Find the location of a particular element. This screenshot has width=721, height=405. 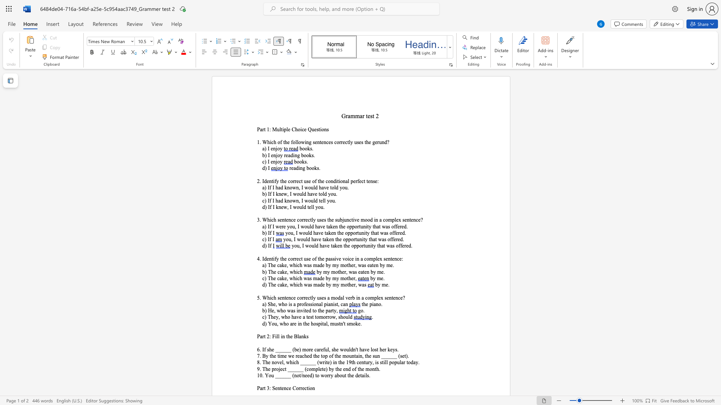

the space between the continuous character "u" and "l" in the text is located at coordinates (313, 187).